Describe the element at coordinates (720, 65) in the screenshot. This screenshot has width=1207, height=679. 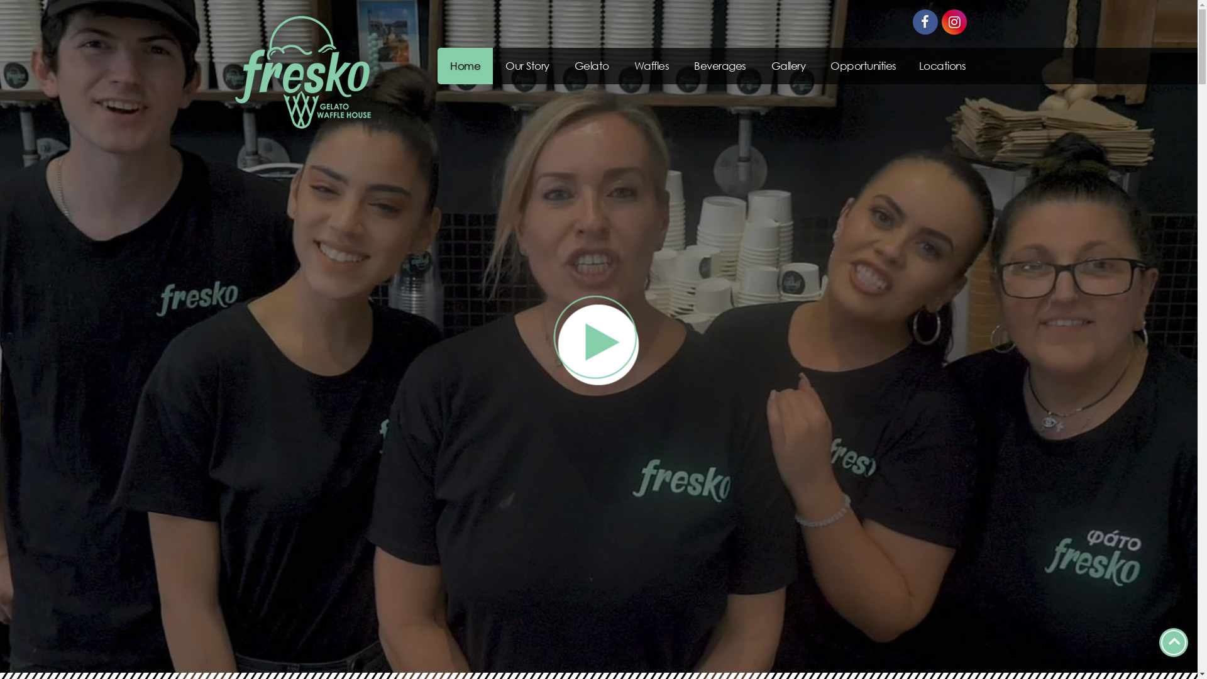
I see `'Beverages'` at that location.